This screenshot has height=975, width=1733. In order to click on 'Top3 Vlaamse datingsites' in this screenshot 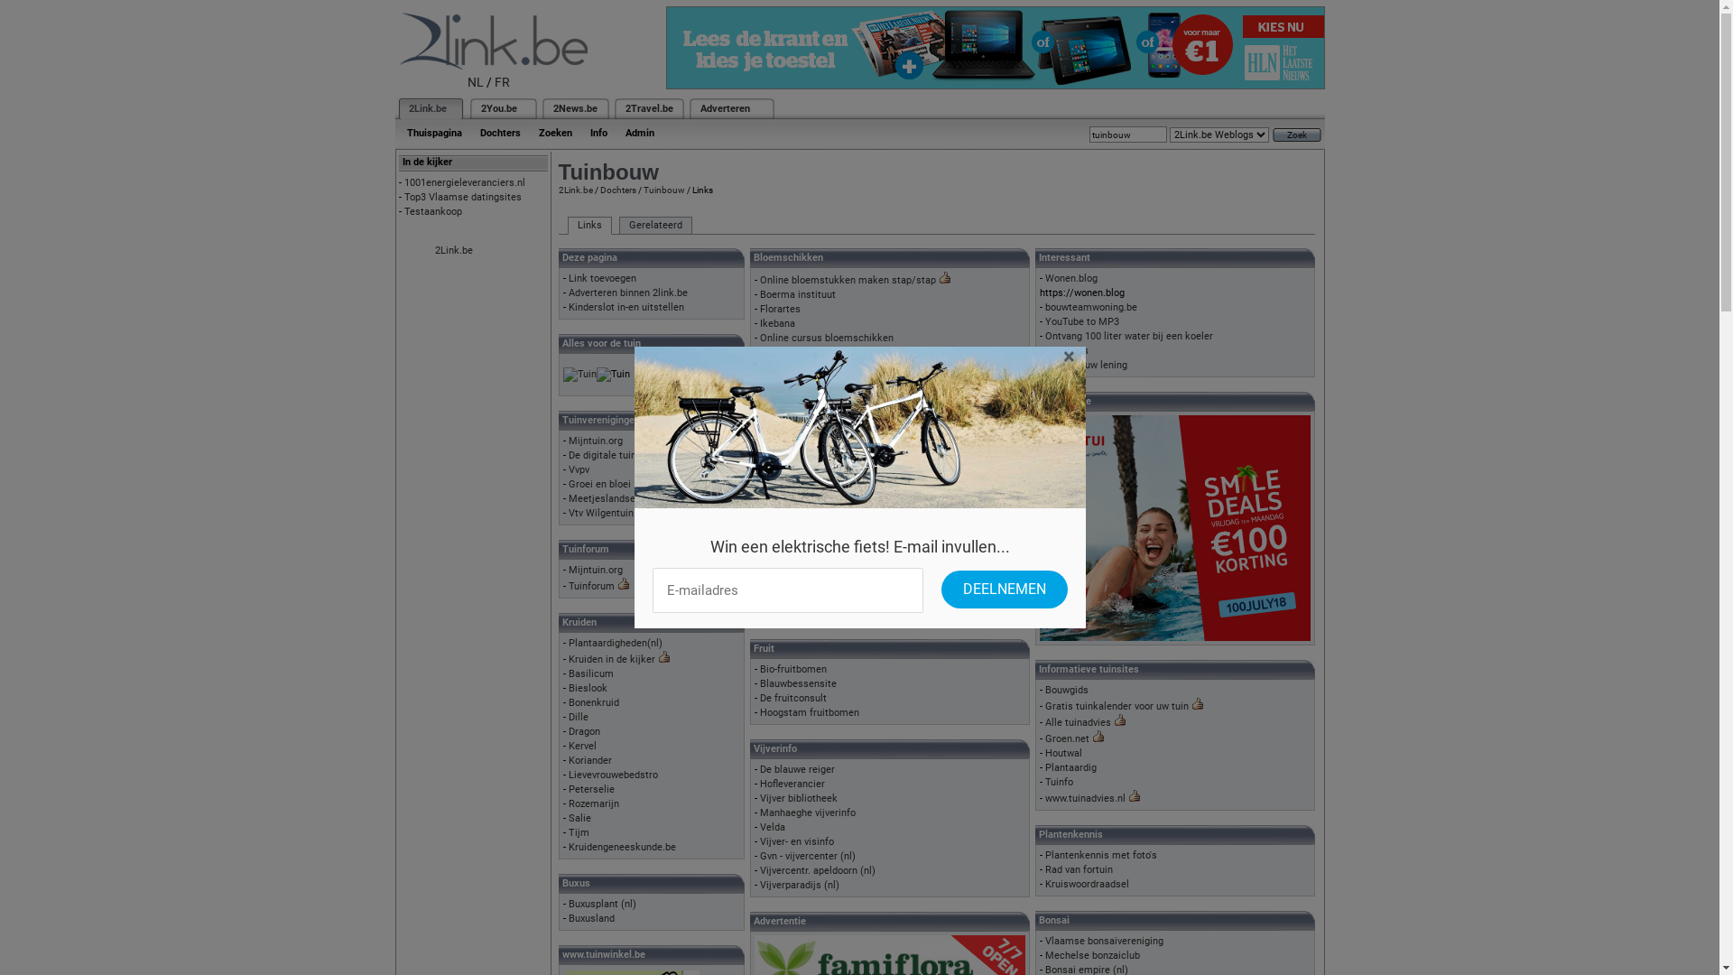, I will do `click(463, 197)`.